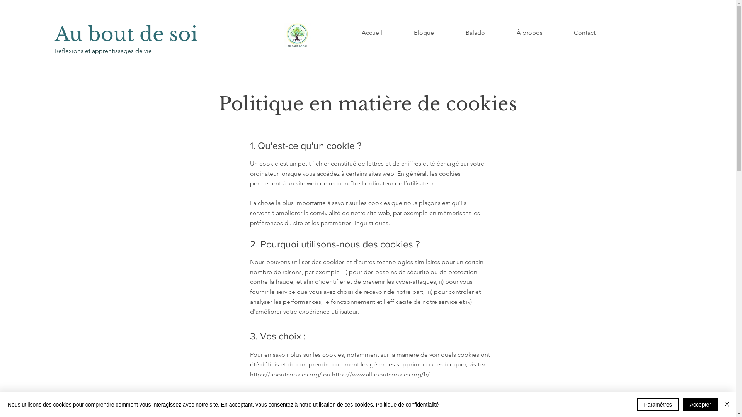 Image resolution: width=742 pixels, height=417 pixels. What do you see at coordinates (475, 32) in the screenshot?
I see `'Balado'` at bounding box center [475, 32].